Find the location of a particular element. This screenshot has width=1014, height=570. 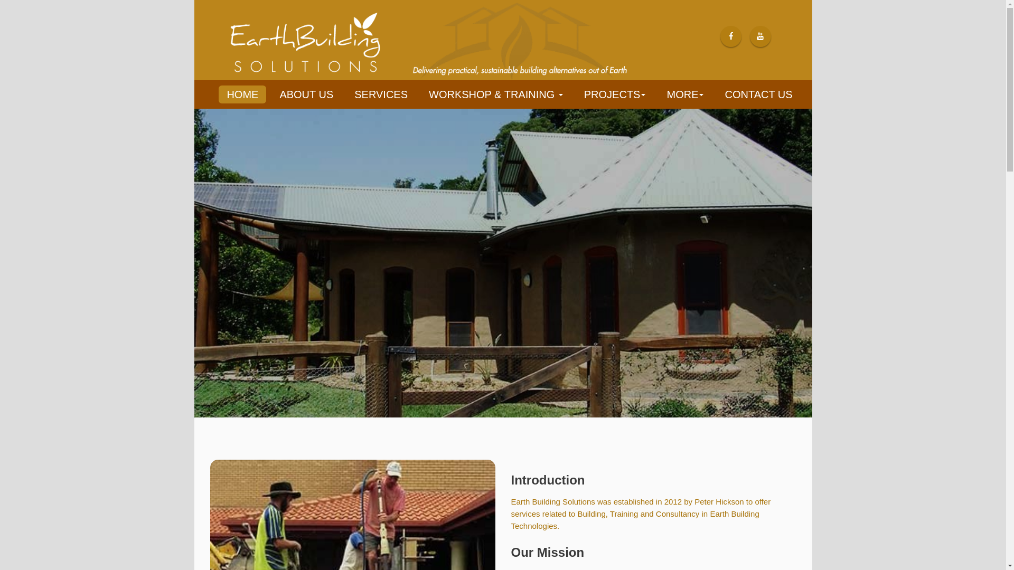

'PROJECTS' is located at coordinates (577, 93).